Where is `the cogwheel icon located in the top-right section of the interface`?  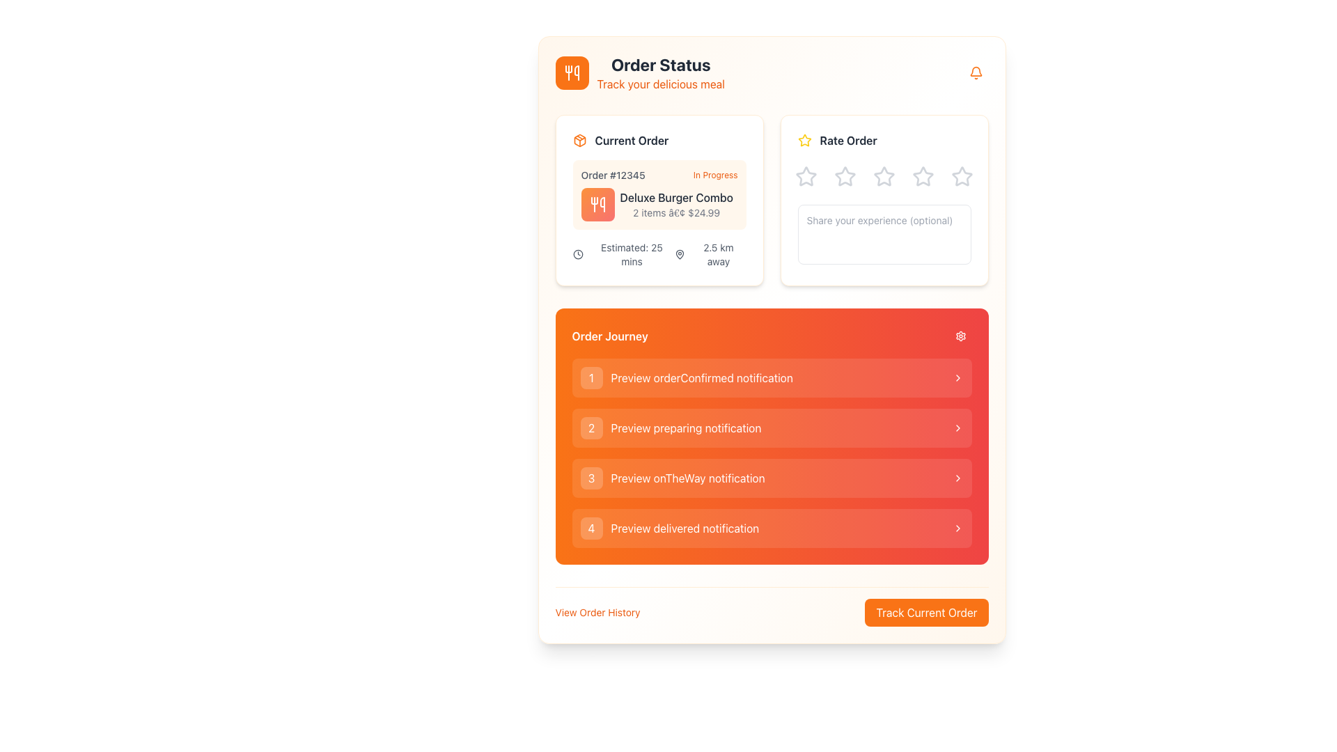 the cogwheel icon located in the top-right section of the interface is located at coordinates (960, 336).